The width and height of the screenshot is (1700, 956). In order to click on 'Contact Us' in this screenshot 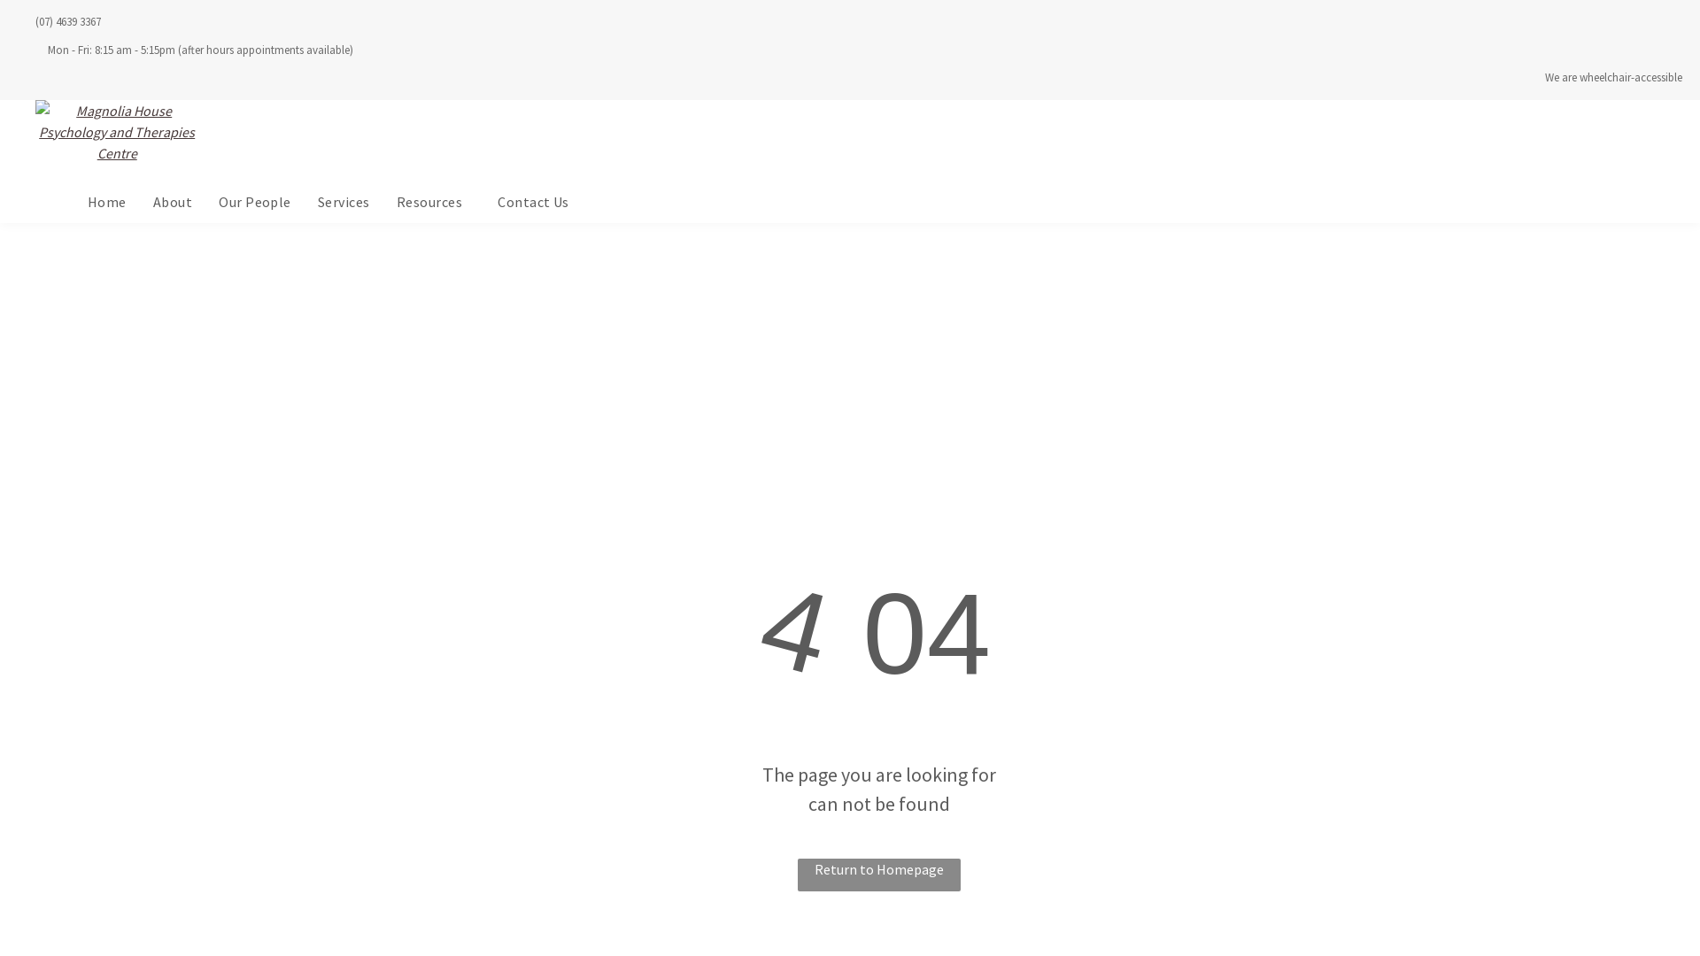, I will do `click(532, 200)`.